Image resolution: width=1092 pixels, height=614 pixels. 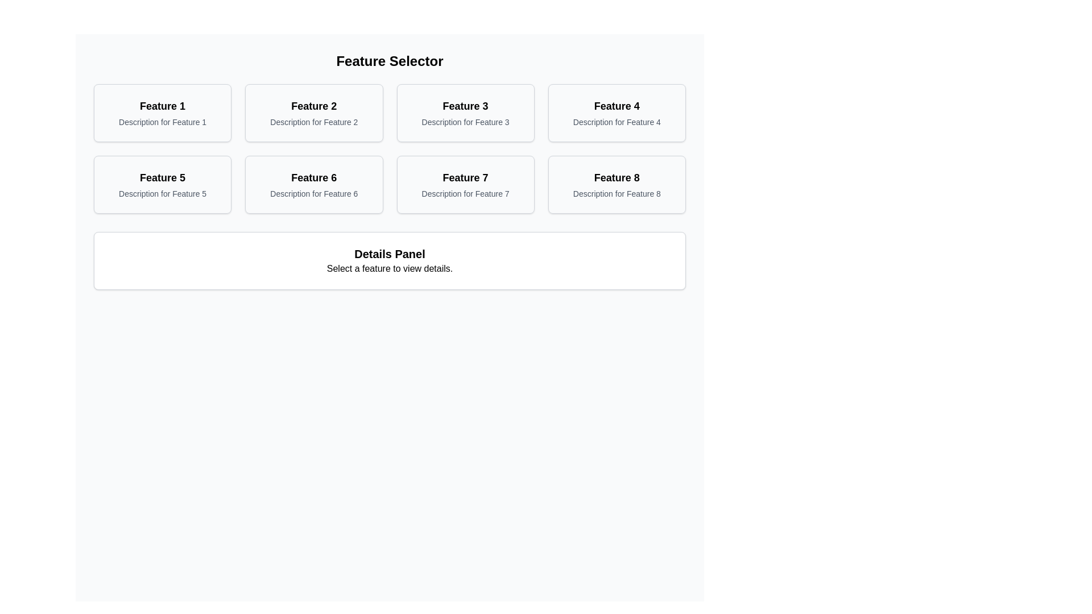 I want to click on the Informational Card highlighting 'Feature 3' located in the third column of the first row within a grid layout, so click(x=465, y=113).